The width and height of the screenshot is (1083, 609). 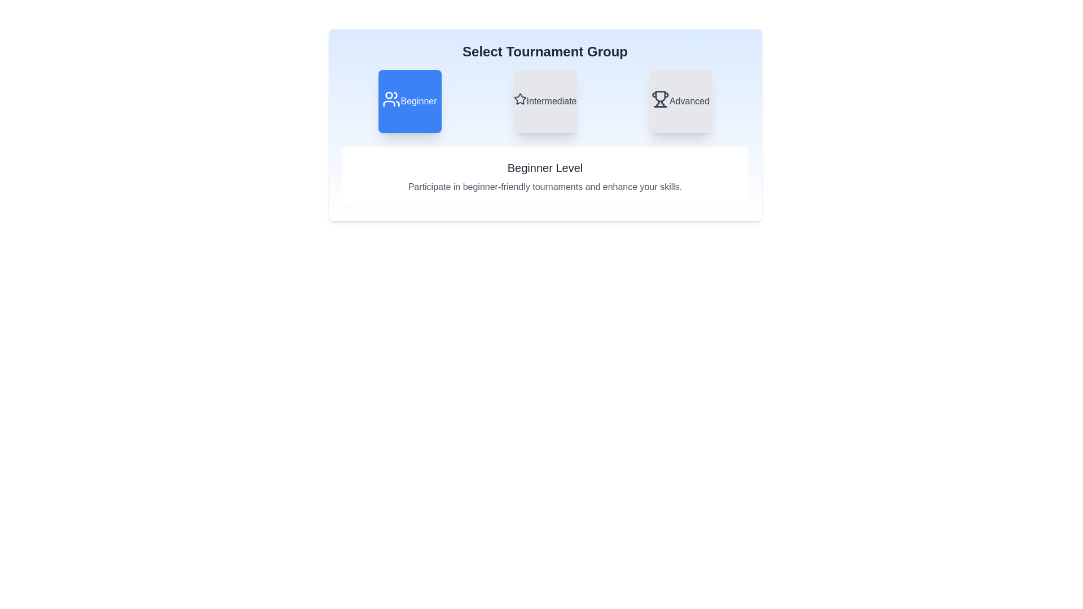 What do you see at coordinates (545, 167) in the screenshot?
I see `the text label that displays 'Beginner Level', which is prominently positioned below the 'Select Tournament Group' section in bold, dark gray font on a white background` at bounding box center [545, 167].